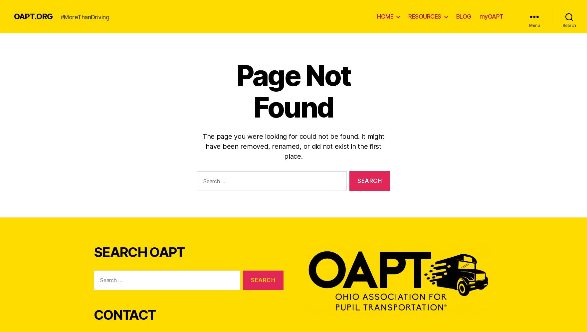  What do you see at coordinates (569, 25) in the screenshot?
I see `'Search'` at bounding box center [569, 25].